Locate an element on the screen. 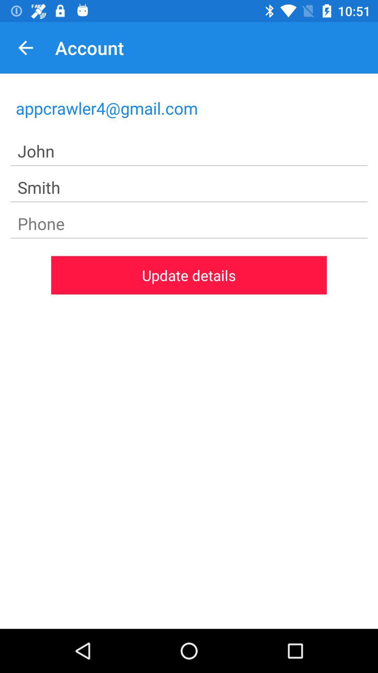 This screenshot has height=673, width=378. the update details item is located at coordinates (189, 275).